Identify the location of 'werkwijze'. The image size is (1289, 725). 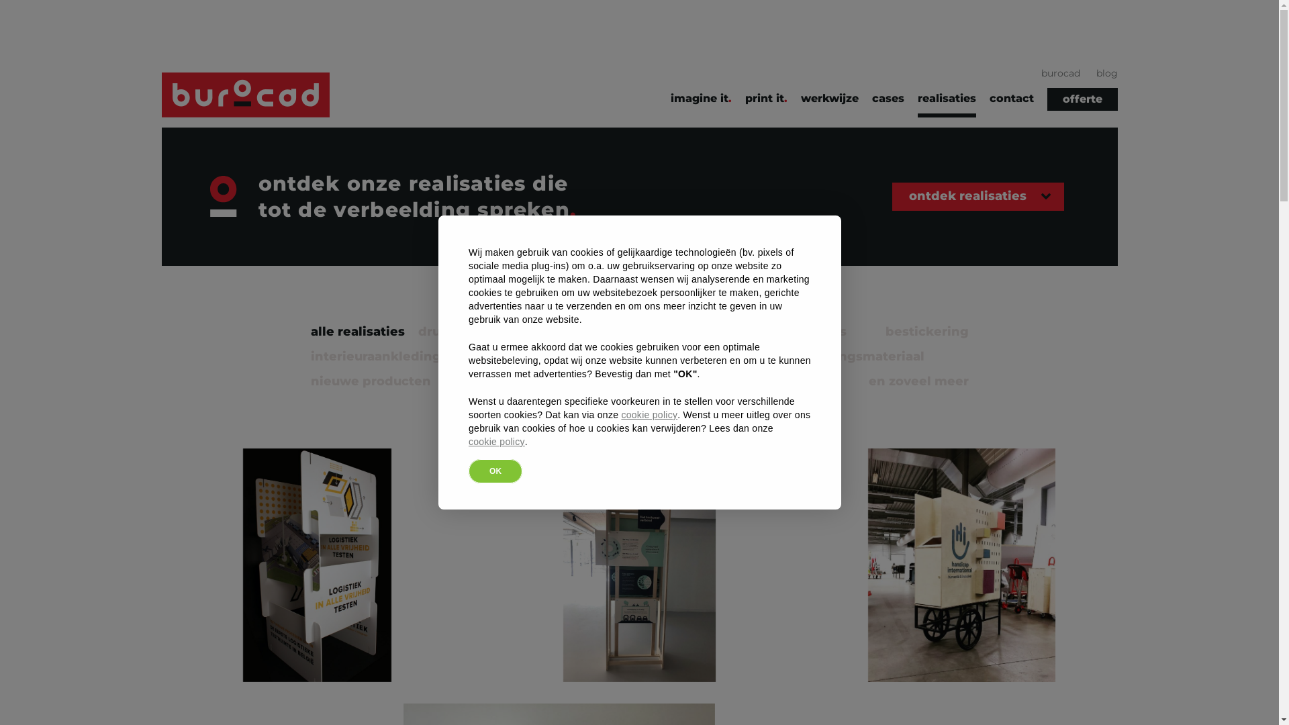
(829, 102).